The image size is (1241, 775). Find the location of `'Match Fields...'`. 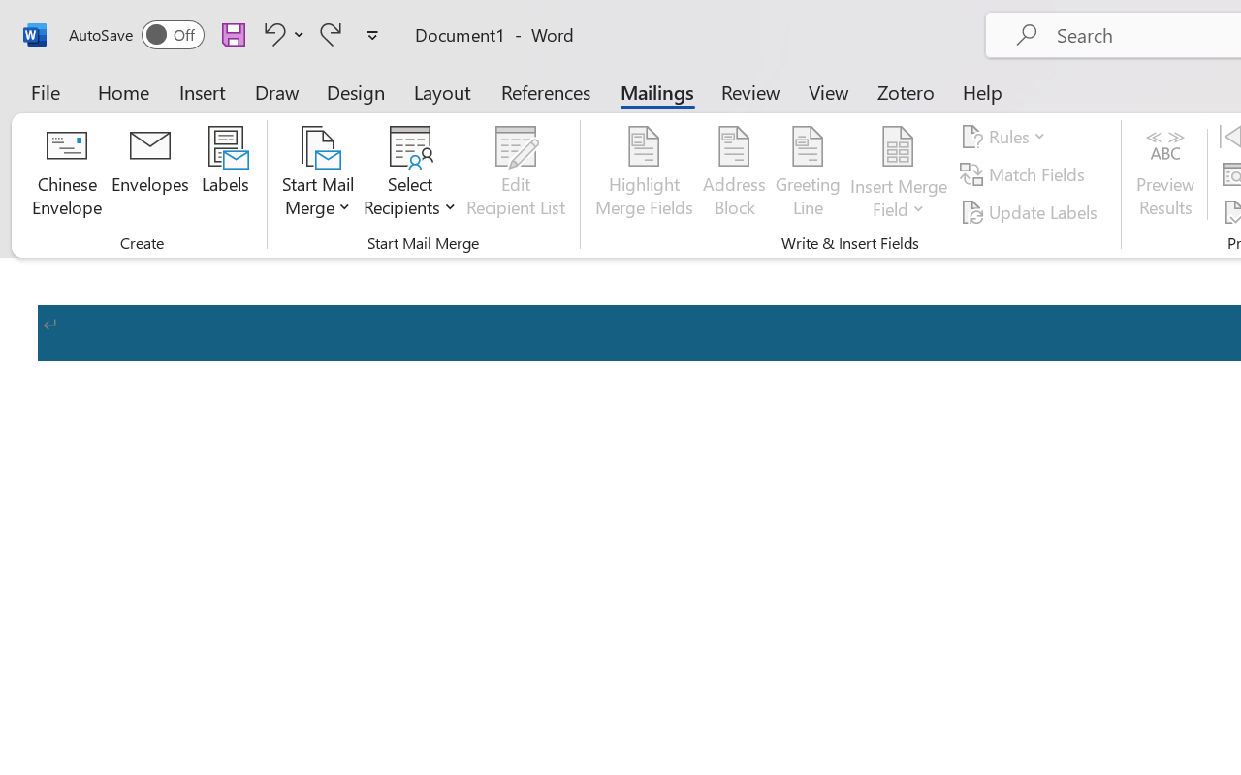

'Match Fields...' is located at coordinates (1024, 173).